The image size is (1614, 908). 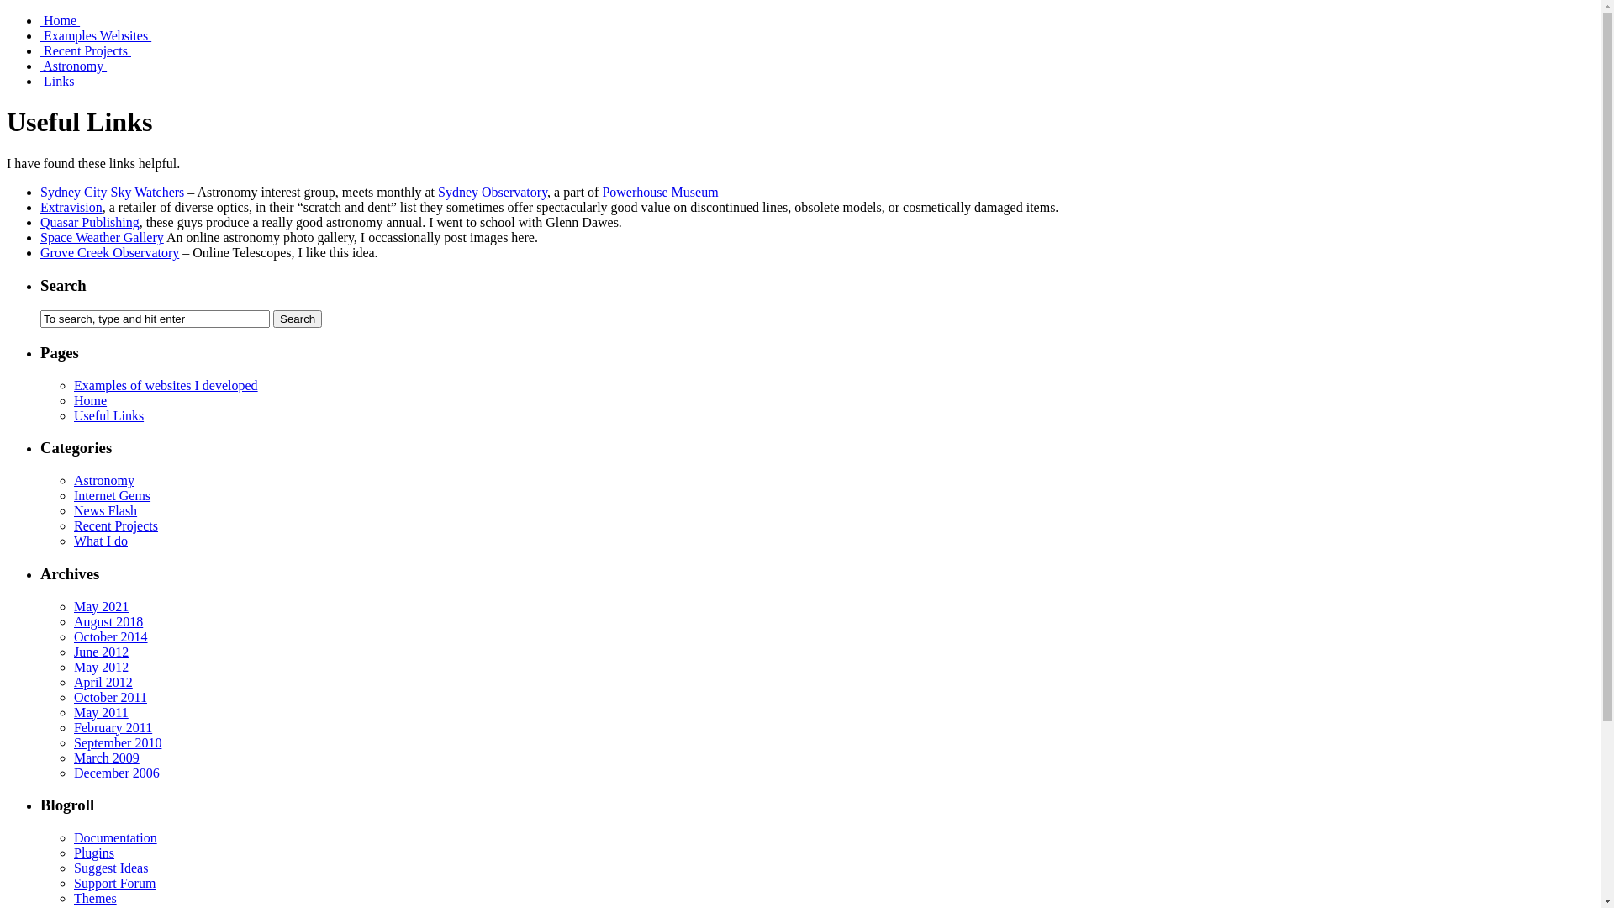 What do you see at coordinates (72, 868) in the screenshot?
I see `'Suggest Ideas'` at bounding box center [72, 868].